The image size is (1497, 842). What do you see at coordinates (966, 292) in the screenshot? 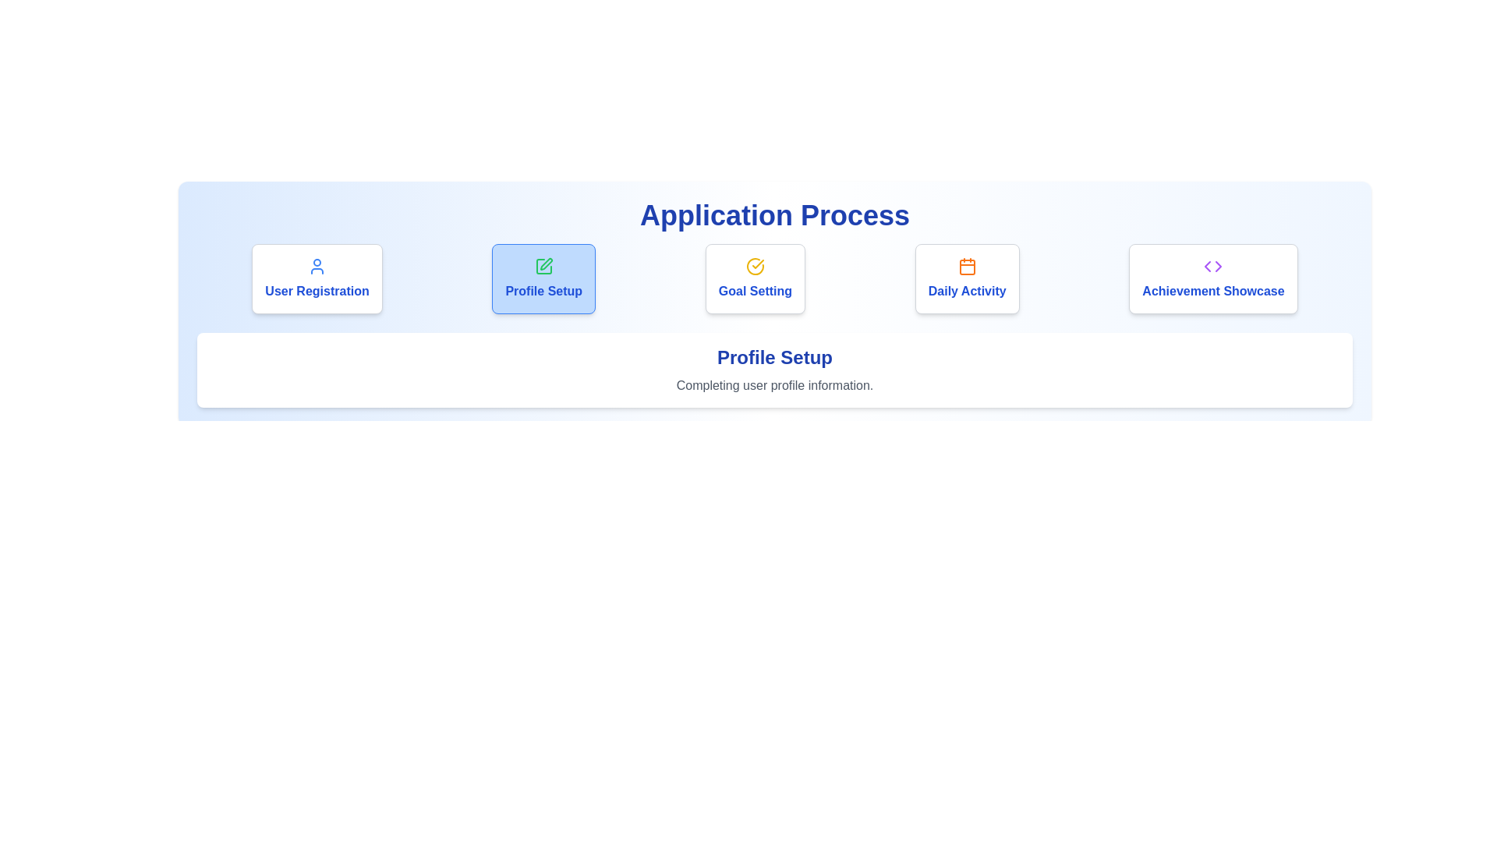
I see `the 'Daily Activity' text label located in the bottom portion of the card in the fourth column, which is identified by the orange calendar icon above it` at bounding box center [966, 292].